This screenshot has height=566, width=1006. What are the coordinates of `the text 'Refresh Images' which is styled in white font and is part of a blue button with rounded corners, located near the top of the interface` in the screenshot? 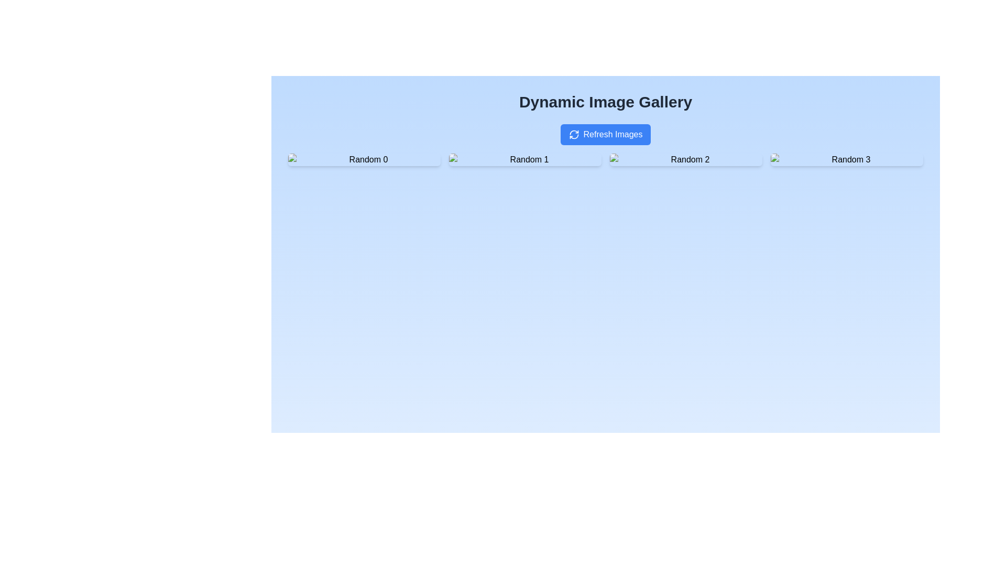 It's located at (613, 134).